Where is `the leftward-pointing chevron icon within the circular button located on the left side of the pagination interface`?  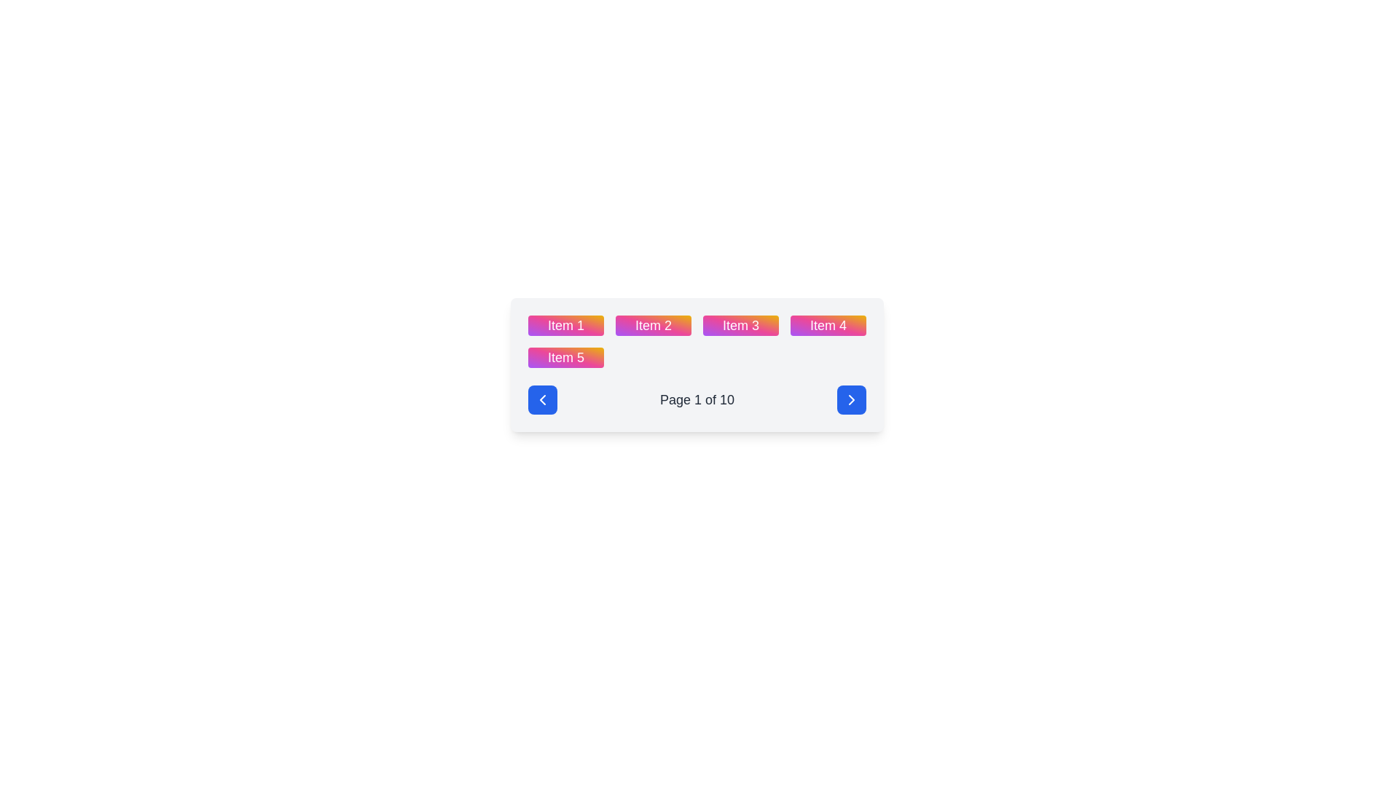
the leftward-pointing chevron icon within the circular button located on the left side of the pagination interface is located at coordinates (541, 399).